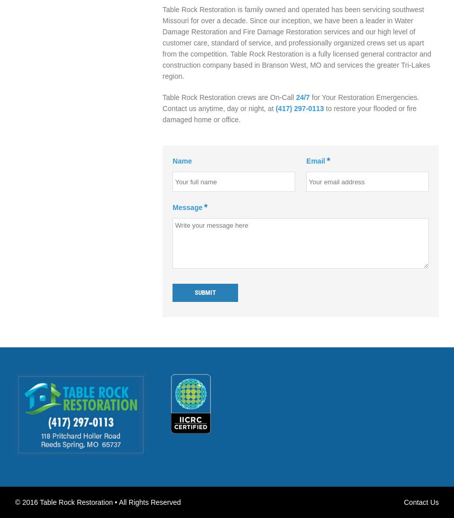 The width and height of the screenshot is (454, 518). Describe the element at coordinates (300, 109) in the screenshot. I see `'(417) 297-0113'` at that location.